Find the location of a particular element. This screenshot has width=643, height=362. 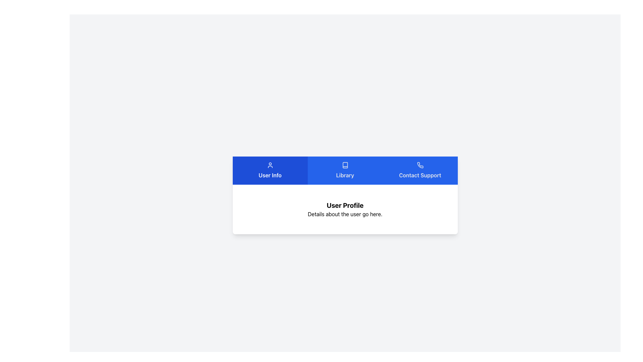

the leftmost navigation button in the blue navigation bar is located at coordinates (270, 170).